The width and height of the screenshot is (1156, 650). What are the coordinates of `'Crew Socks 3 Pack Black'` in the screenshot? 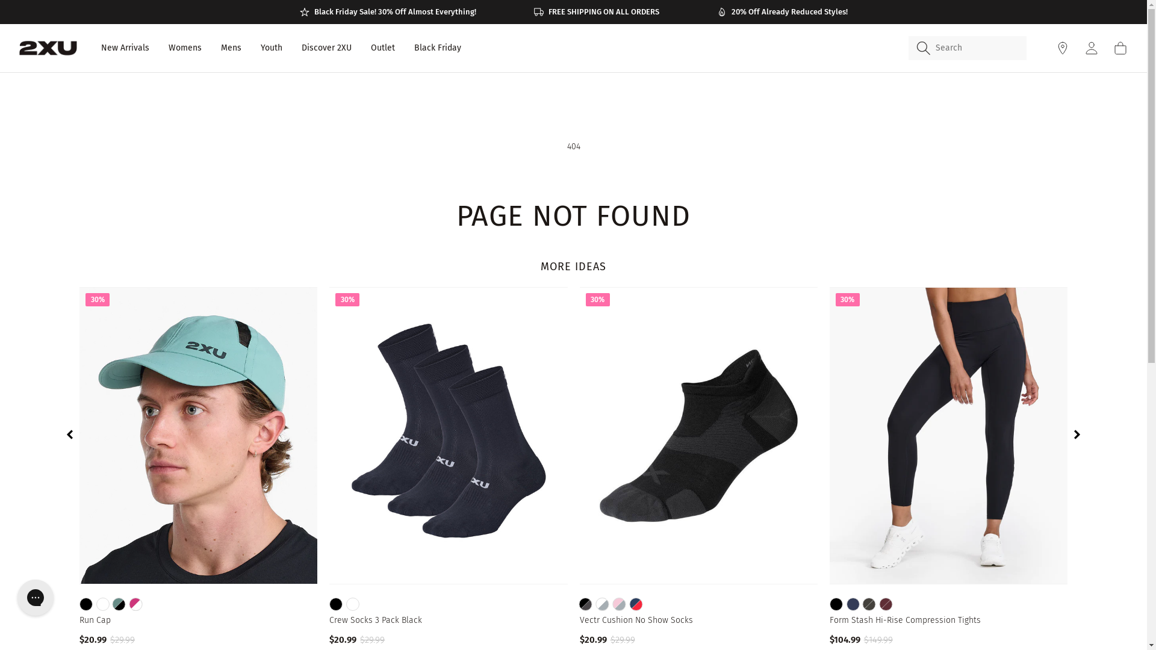 It's located at (447, 620).